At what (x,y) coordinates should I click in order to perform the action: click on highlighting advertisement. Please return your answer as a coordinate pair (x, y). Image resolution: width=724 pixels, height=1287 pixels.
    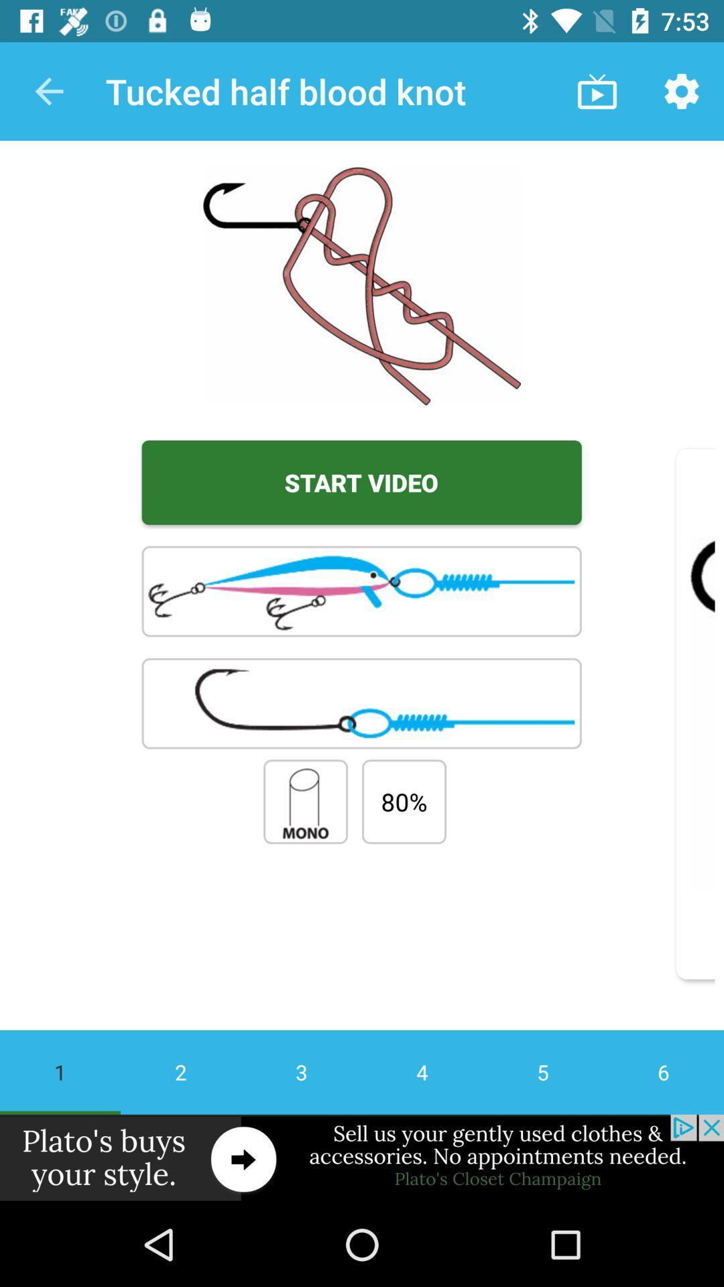
    Looking at the image, I should click on (362, 1158).